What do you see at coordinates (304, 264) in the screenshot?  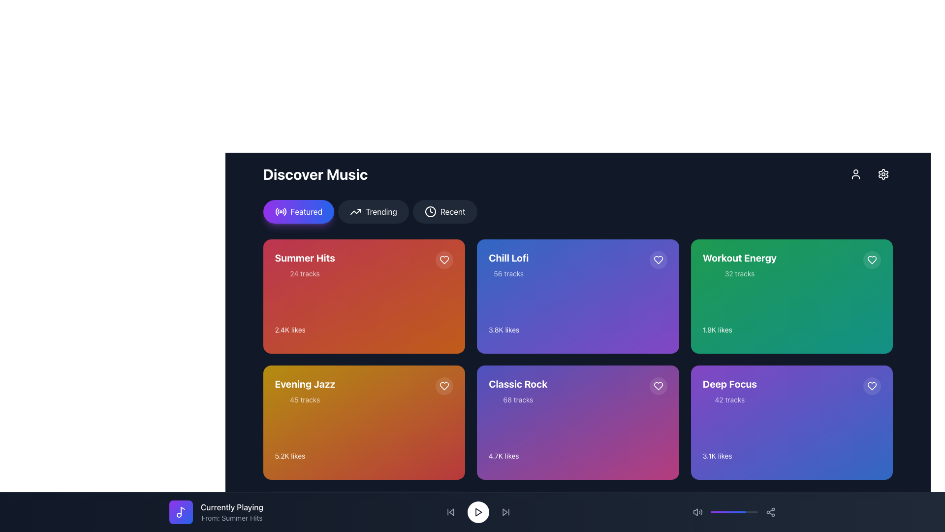 I see `title 'Summer Hits' and the subtitle '24 tracks' from the textual label in the top-left corner of the Discover Music section` at bounding box center [304, 264].